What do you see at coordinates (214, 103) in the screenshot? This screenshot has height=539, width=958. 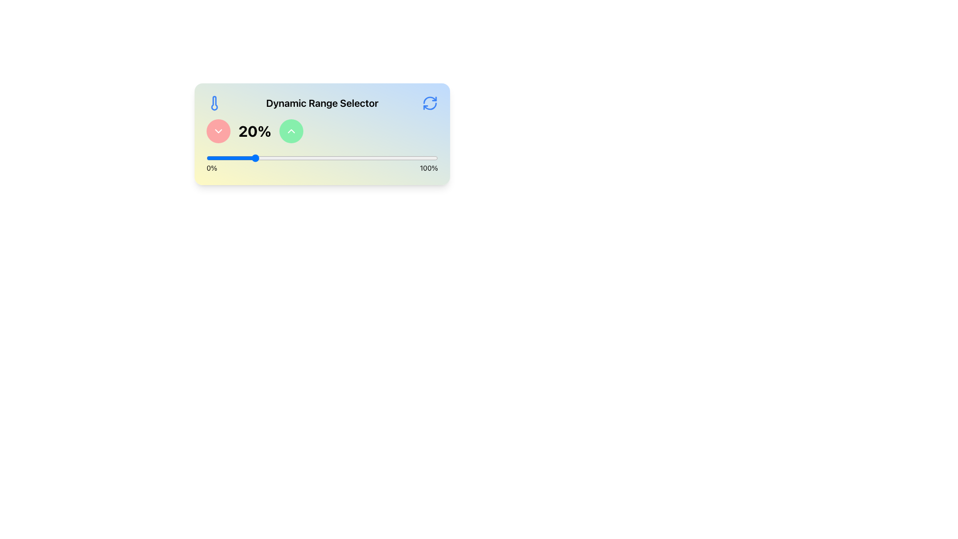 I see `the thin vertical thermometer icon located in the upper-left corner of the 'Dynamic Range Selector' area, positioned to the left of the text label` at bounding box center [214, 103].